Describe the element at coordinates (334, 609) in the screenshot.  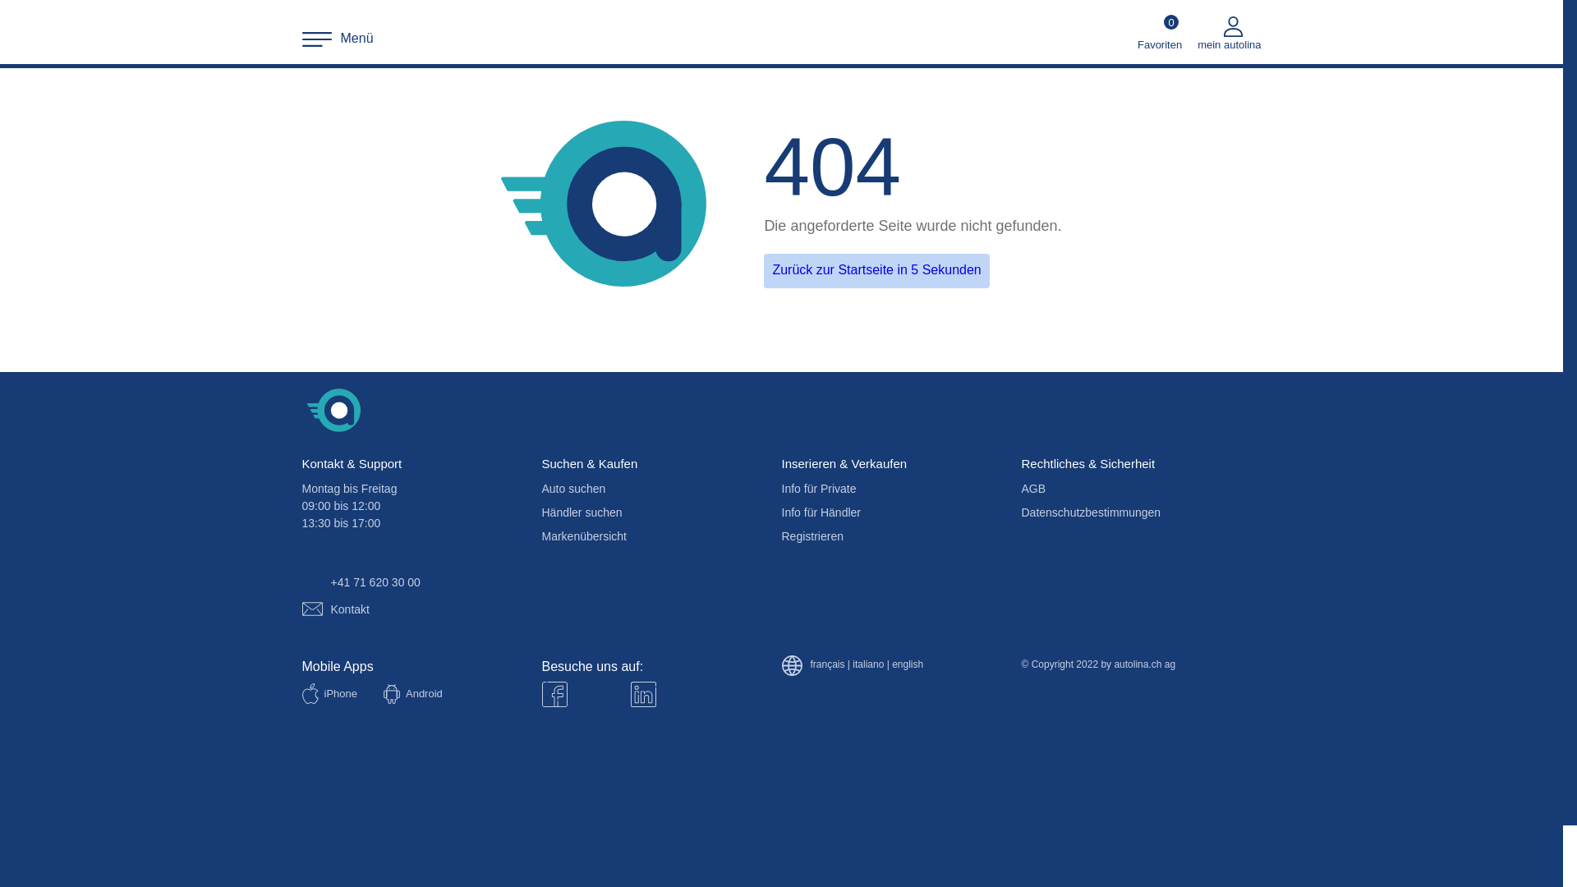
I see `'Kontakt'` at that location.